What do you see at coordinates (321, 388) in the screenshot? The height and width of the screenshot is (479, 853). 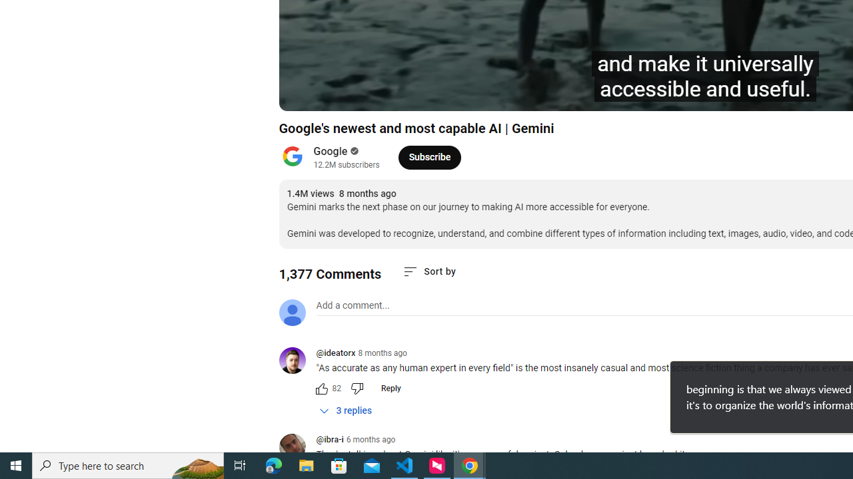 I see `'Like this comment along with 82 other people'` at bounding box center [321, 388].